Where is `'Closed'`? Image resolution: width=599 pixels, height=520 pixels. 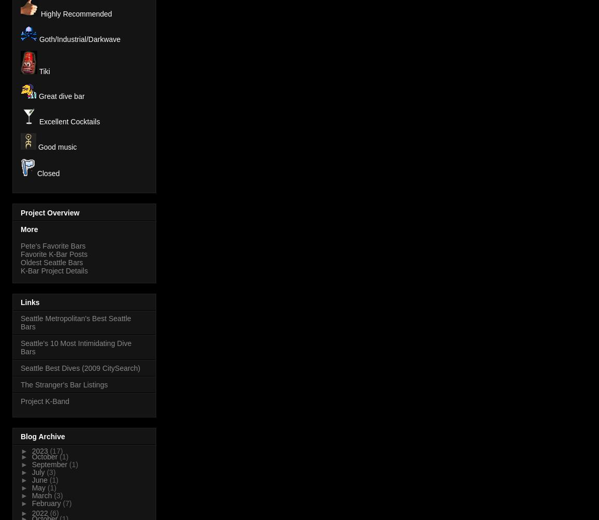 'Closed' is located at coordinates (47, 174).